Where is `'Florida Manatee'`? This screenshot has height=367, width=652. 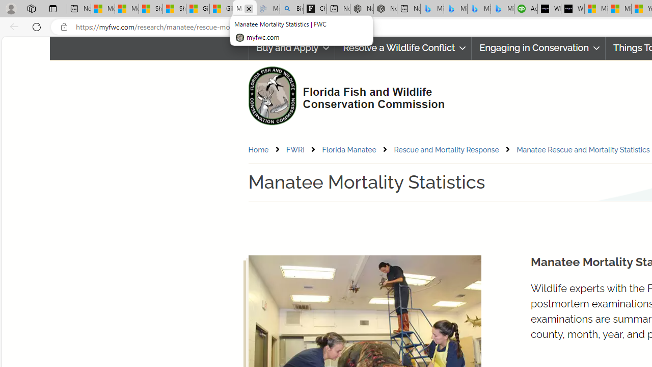 'Florida Manatee' is located at coordinates (357, 149).